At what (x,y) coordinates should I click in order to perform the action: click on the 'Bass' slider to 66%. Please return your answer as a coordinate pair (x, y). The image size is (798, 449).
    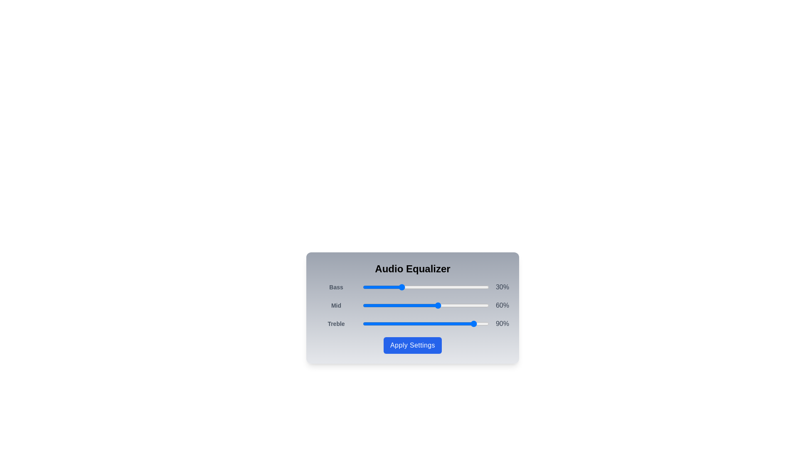
    Looking at the image, I should click on (446, 286).